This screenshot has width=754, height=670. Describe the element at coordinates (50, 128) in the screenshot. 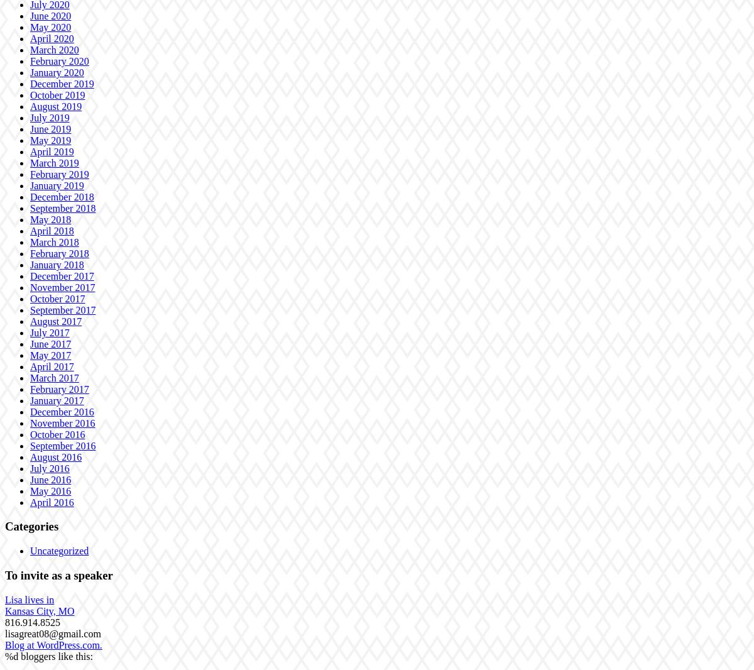

I see `'June 2019'` at that location.